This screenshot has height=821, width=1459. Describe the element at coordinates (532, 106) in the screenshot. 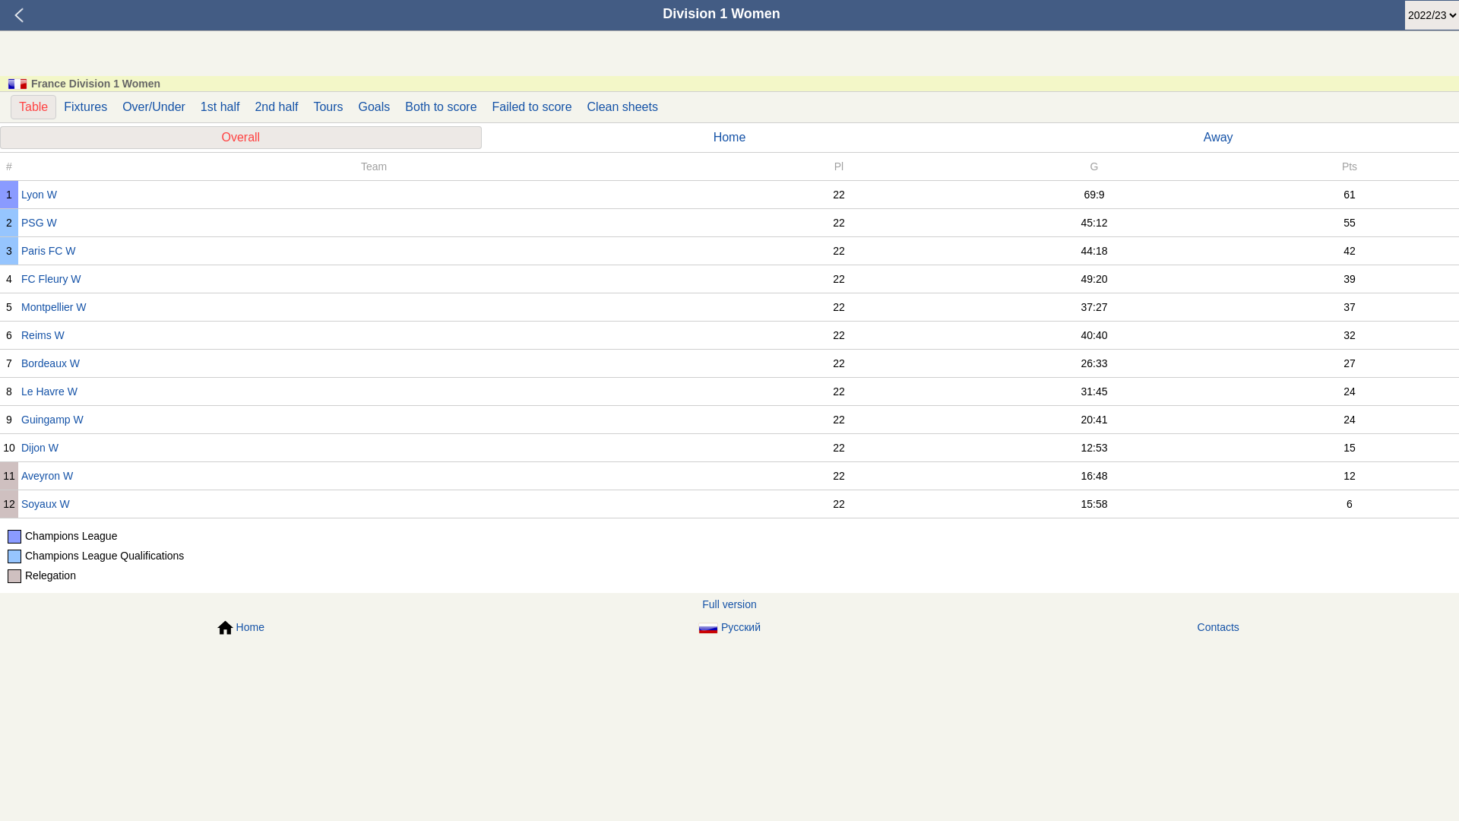

I see `'Failed to score'` at that location.